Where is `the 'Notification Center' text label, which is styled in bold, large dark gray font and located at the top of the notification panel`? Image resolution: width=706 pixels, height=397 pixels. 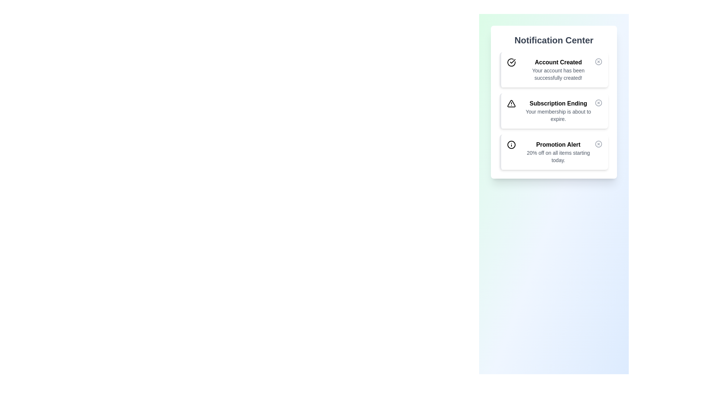 the 'Notification Center' text label, which is styled in bold, large dark gray font and located at the top of the notification panel is located at coordinates (554, 40).